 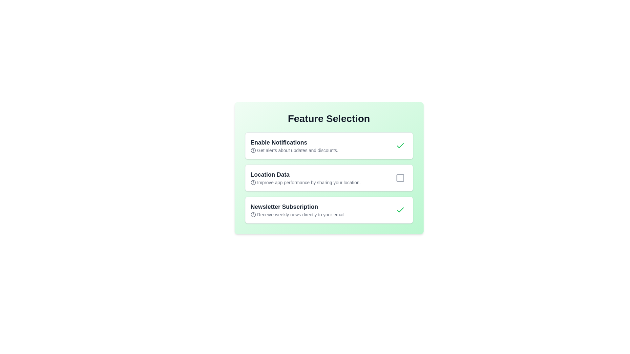 What do you see at coordinates (400, 178) in the screenshot?
I see `the inactive checkbox or status icon next to the 'Location Data' feature option` at bounding box center [400, 178].